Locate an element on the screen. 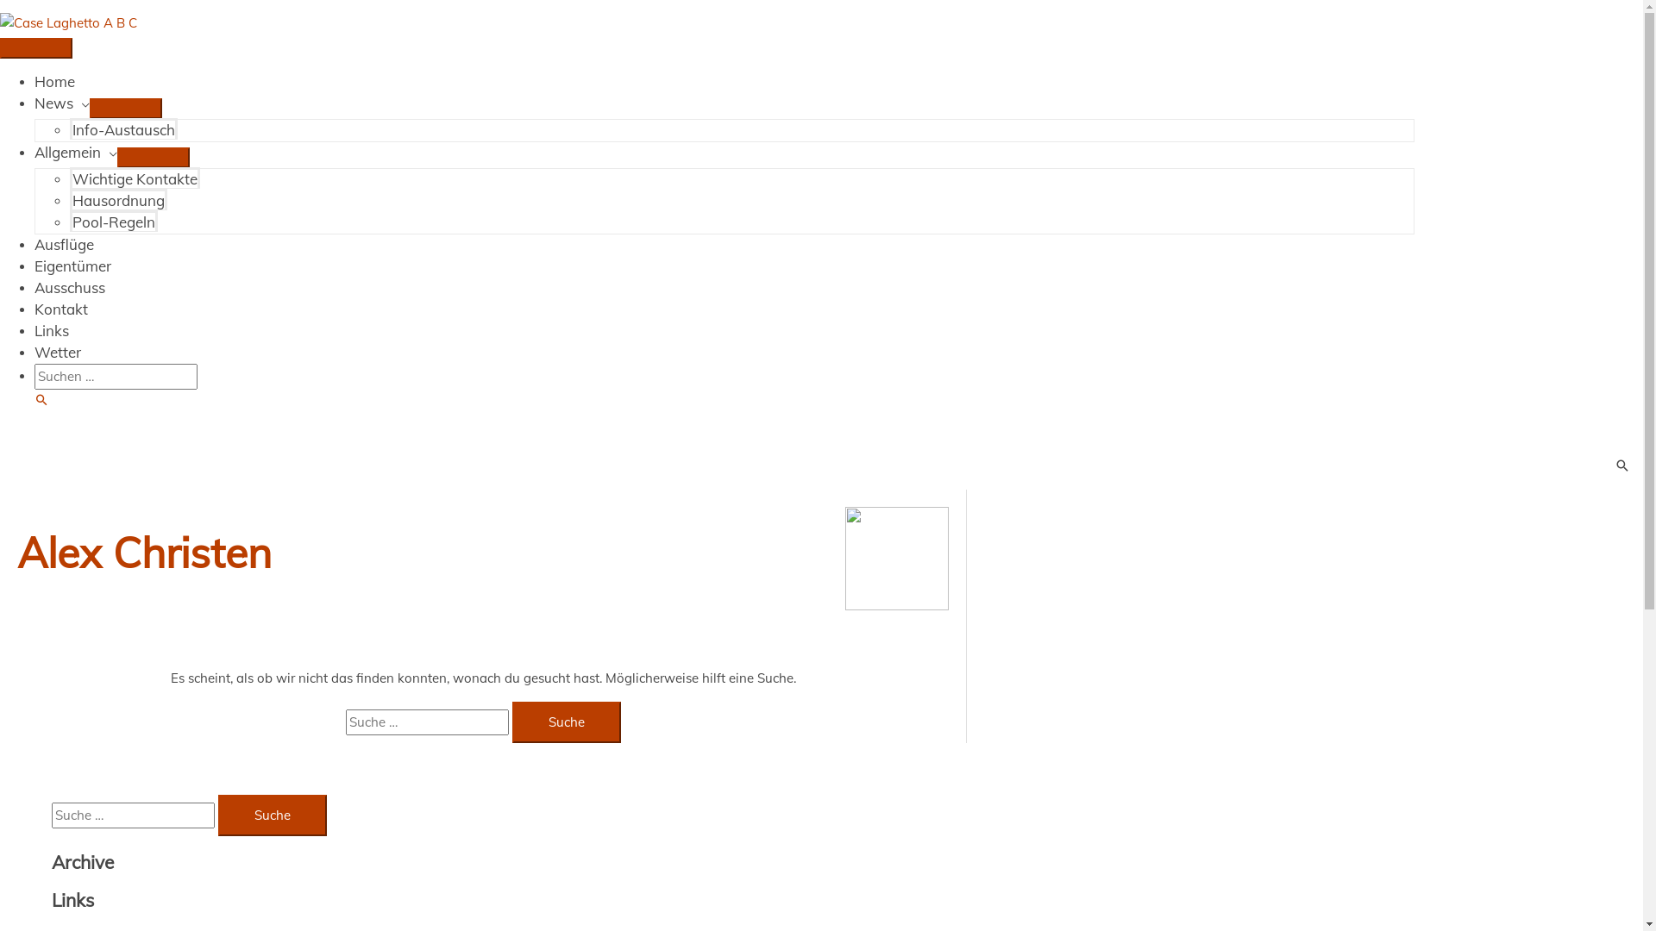 This screenshot has width=1656, height=931. 'Pool-Regeln' is located at coordinates (113, 220).